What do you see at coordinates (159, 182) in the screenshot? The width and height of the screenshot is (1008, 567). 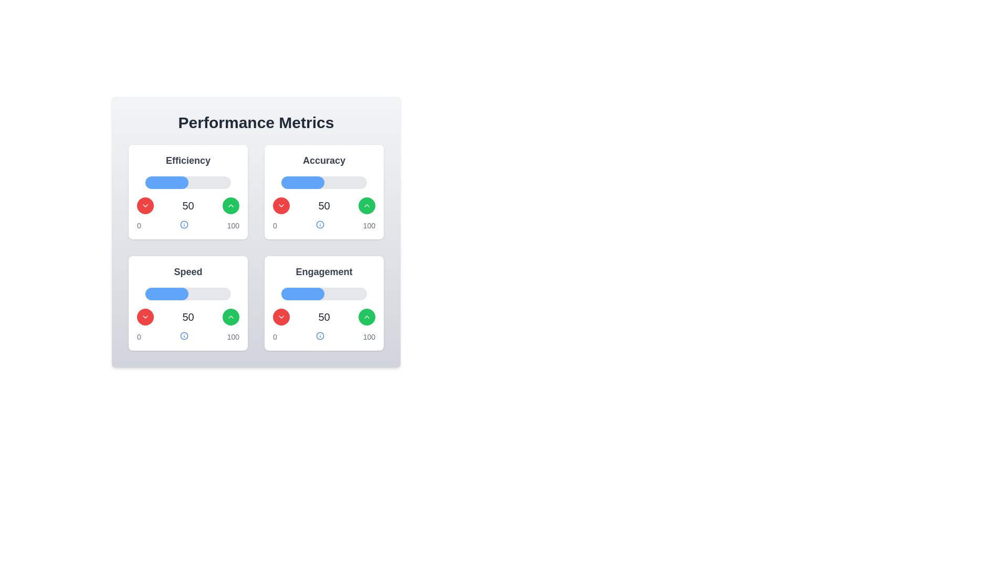 I see `the efficiency value` at bounding box center [159, 182].